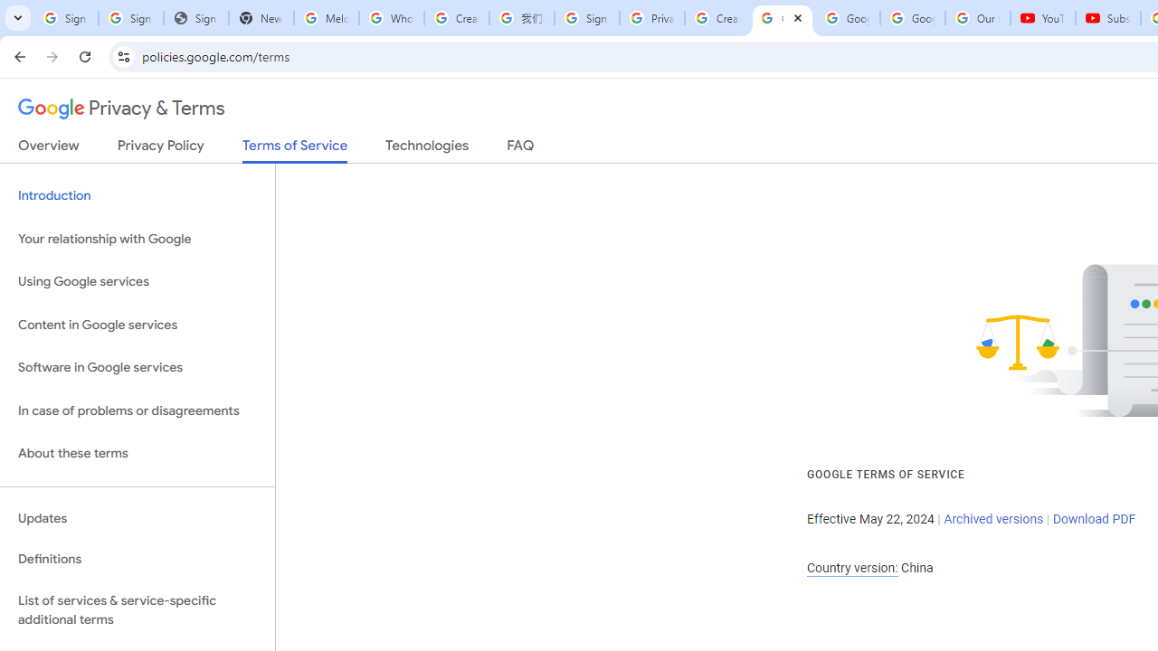 The image size is (1158, 651). I want to click on 'Using Google services', so click(137, 282).